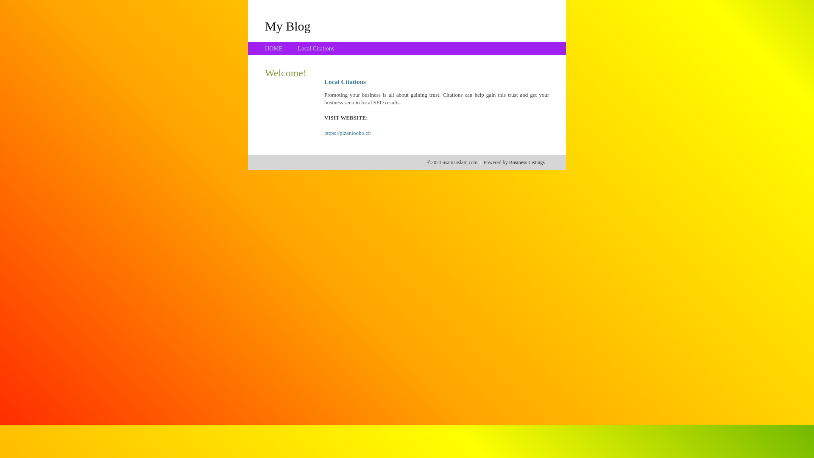  What do you see at coordinates (509, 162) in the screenshot?
I see `'Business Listings'` at bounding box center [509, 162].